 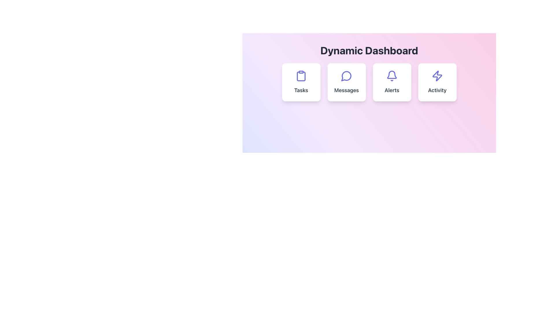 I want to click on the notification icon located in the third card of the horizontal row beneath the title 'Dynamic Dashboard' and above the 'Alerts' label to interact with notifications, so click(x=392, y=74).